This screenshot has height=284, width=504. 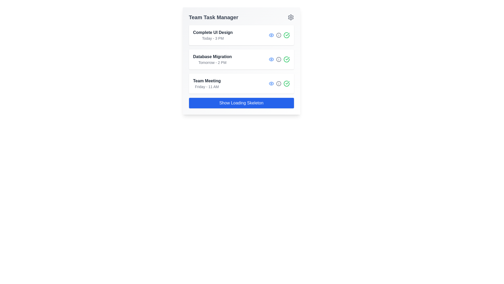 What do you see at coordinates (213, 38) in the screenshot?
I see `scheduled date and time displayed in the text label located below the main task title of the 'Complete UI Design' task item, which is centrally aligned` at bounding box center [213, 38].